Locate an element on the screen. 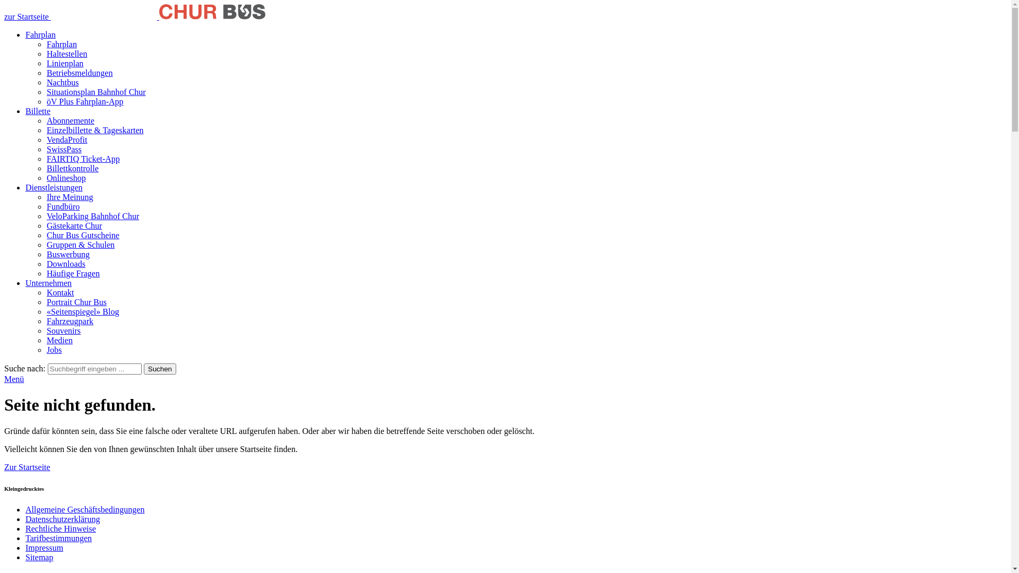 This screenshot has width=1019, height=573. 'Haltestellen' is located at coordinates (66, 54).